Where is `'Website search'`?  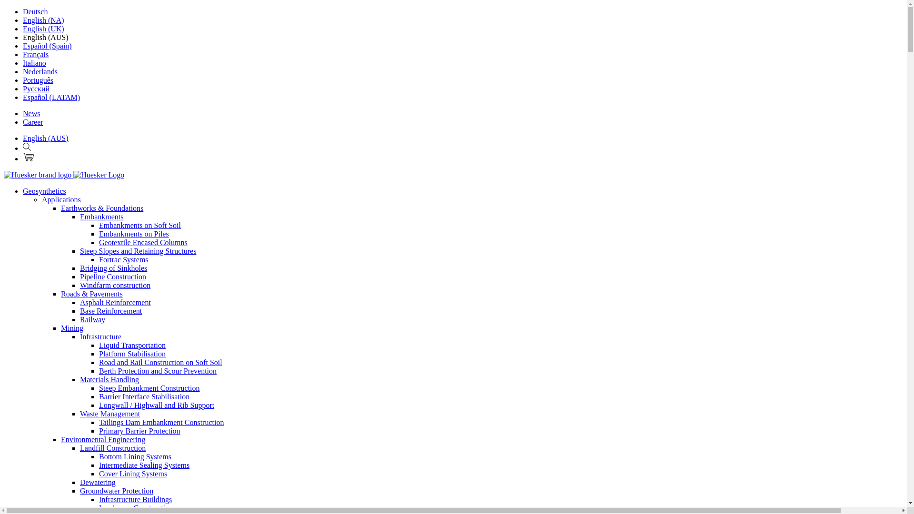 'Website search' is located at coordinates (27, 147).